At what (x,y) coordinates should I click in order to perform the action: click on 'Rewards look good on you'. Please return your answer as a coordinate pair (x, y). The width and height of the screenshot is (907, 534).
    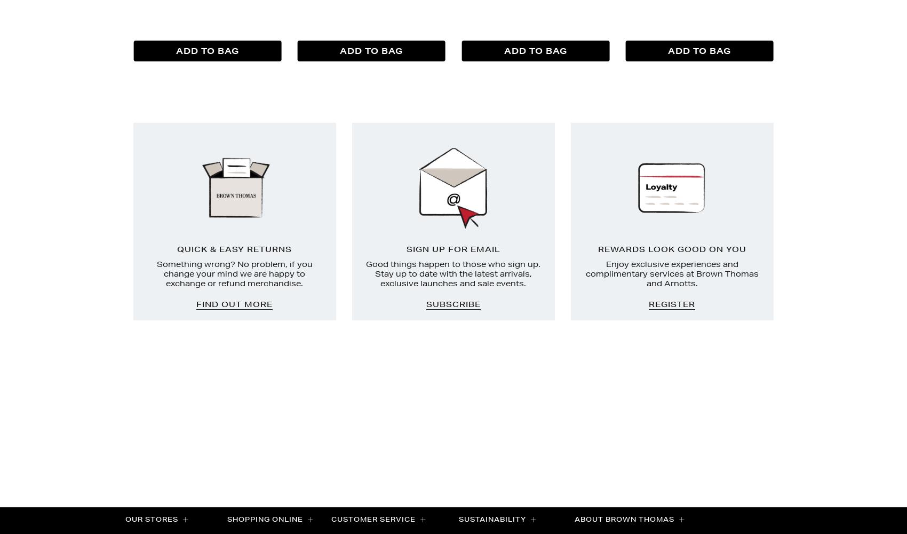
    Looking at the image, I should click on (671, 249).